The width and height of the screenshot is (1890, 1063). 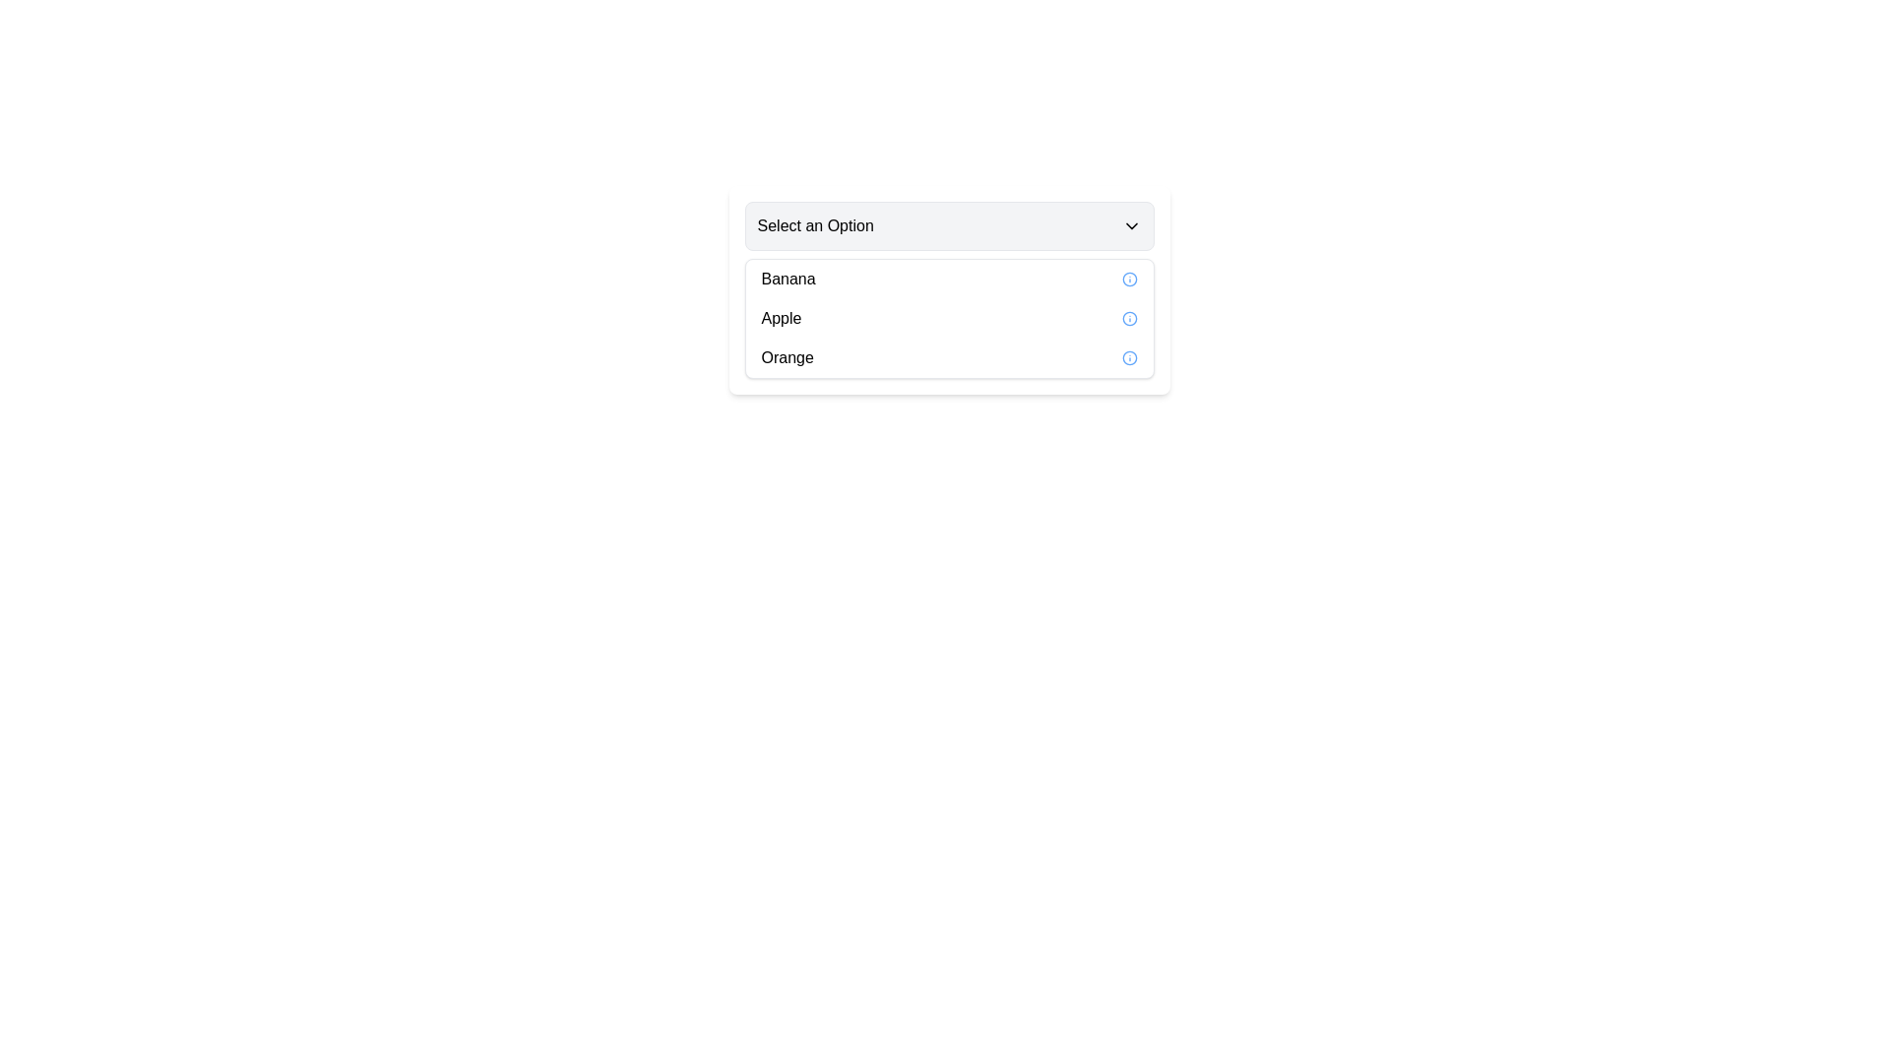 What do you see at coordinates (1131, 225) in the screenshot?
I see `the downward-pointing chevron icon located at the far right of the rounded rectangle containing the text 'Select an Option'` at bounding box center [1131, 225].